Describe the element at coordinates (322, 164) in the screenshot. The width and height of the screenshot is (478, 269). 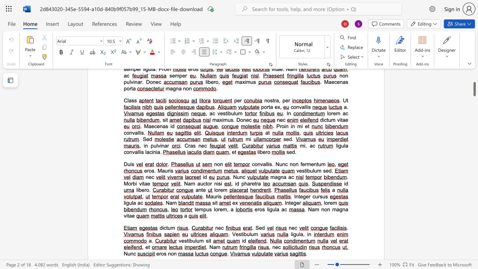
I see `the space between the continuous character "u" and "m" in the text` at that location.